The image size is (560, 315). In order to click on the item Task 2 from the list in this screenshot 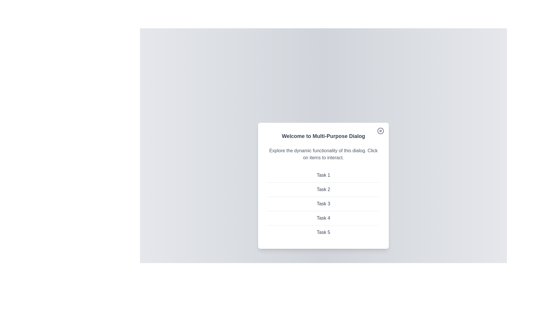, I will do `click(323, 189)`.